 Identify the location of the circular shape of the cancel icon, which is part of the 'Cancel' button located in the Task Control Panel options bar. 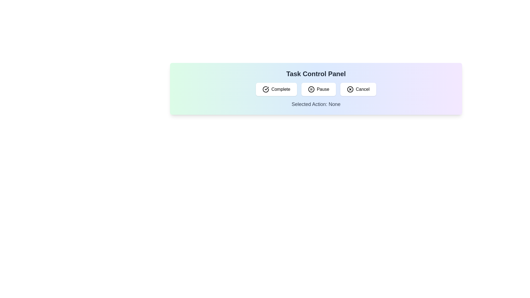
(350, 89).